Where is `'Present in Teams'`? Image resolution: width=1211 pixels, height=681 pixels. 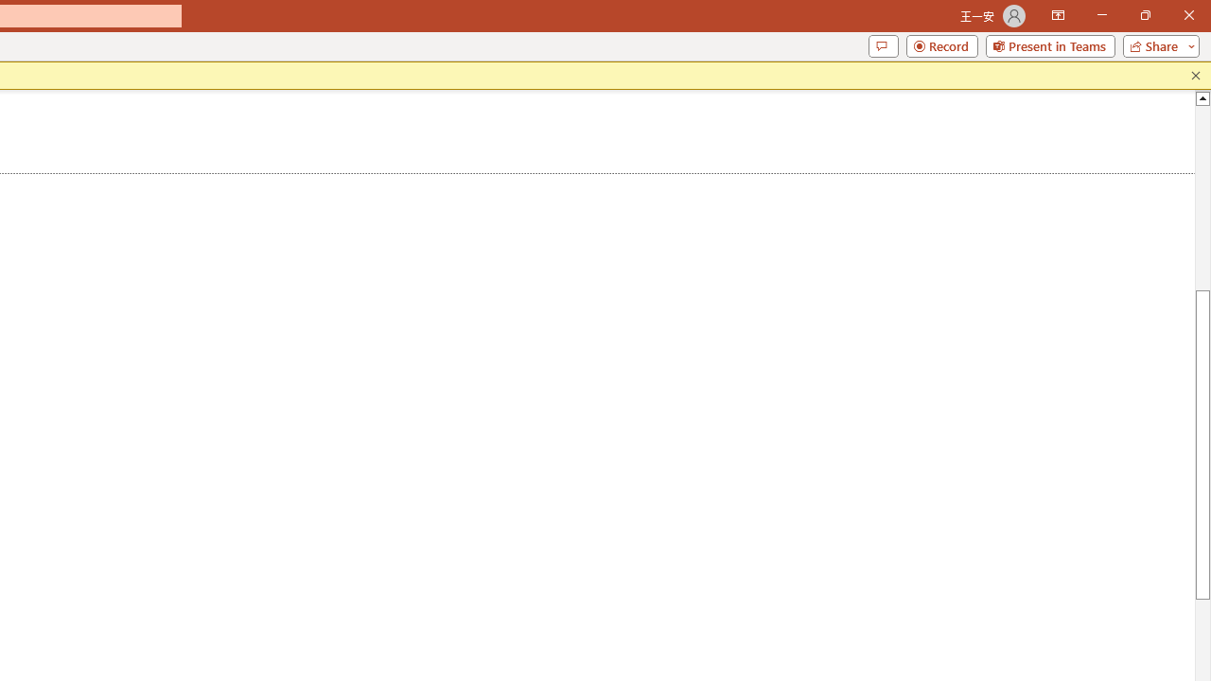
'Present in Teams' is located at coordinates (1049, 44).